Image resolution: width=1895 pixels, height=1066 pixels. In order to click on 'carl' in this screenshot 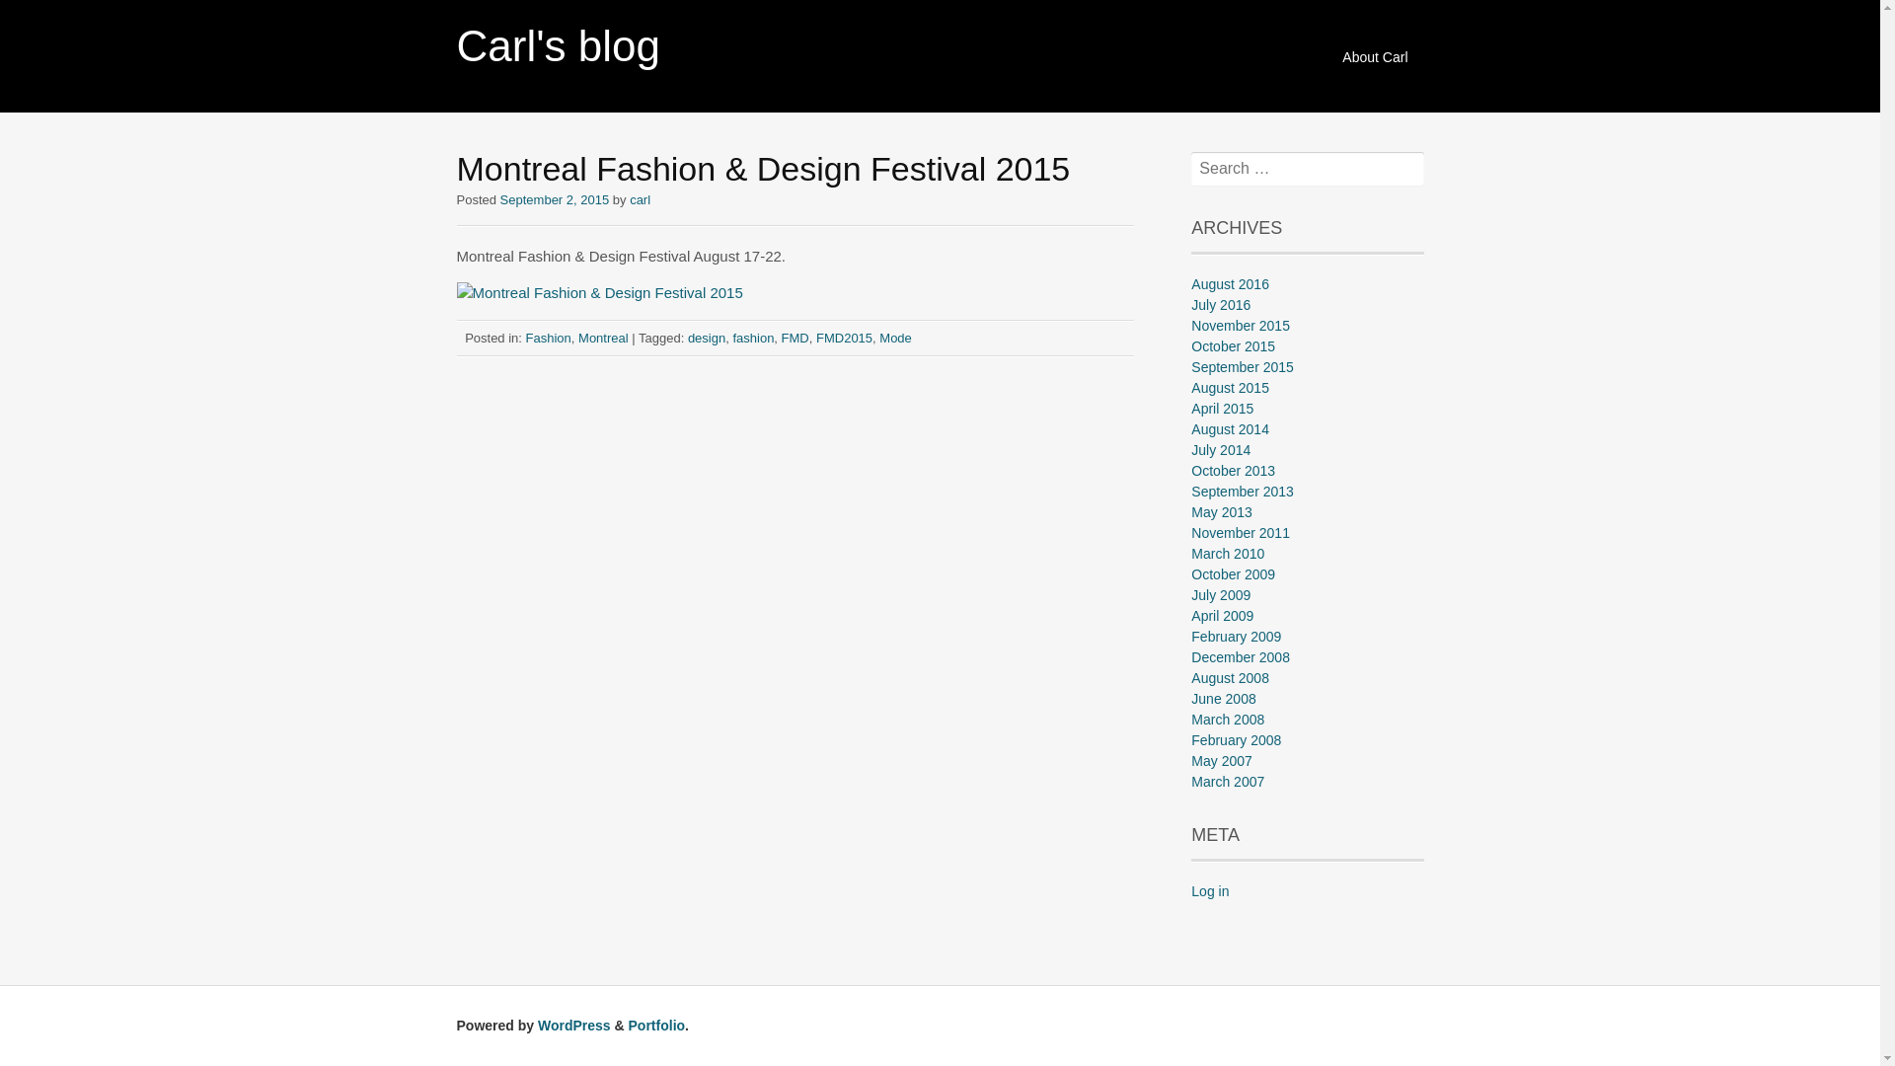, I will do `click(640, 199)`.